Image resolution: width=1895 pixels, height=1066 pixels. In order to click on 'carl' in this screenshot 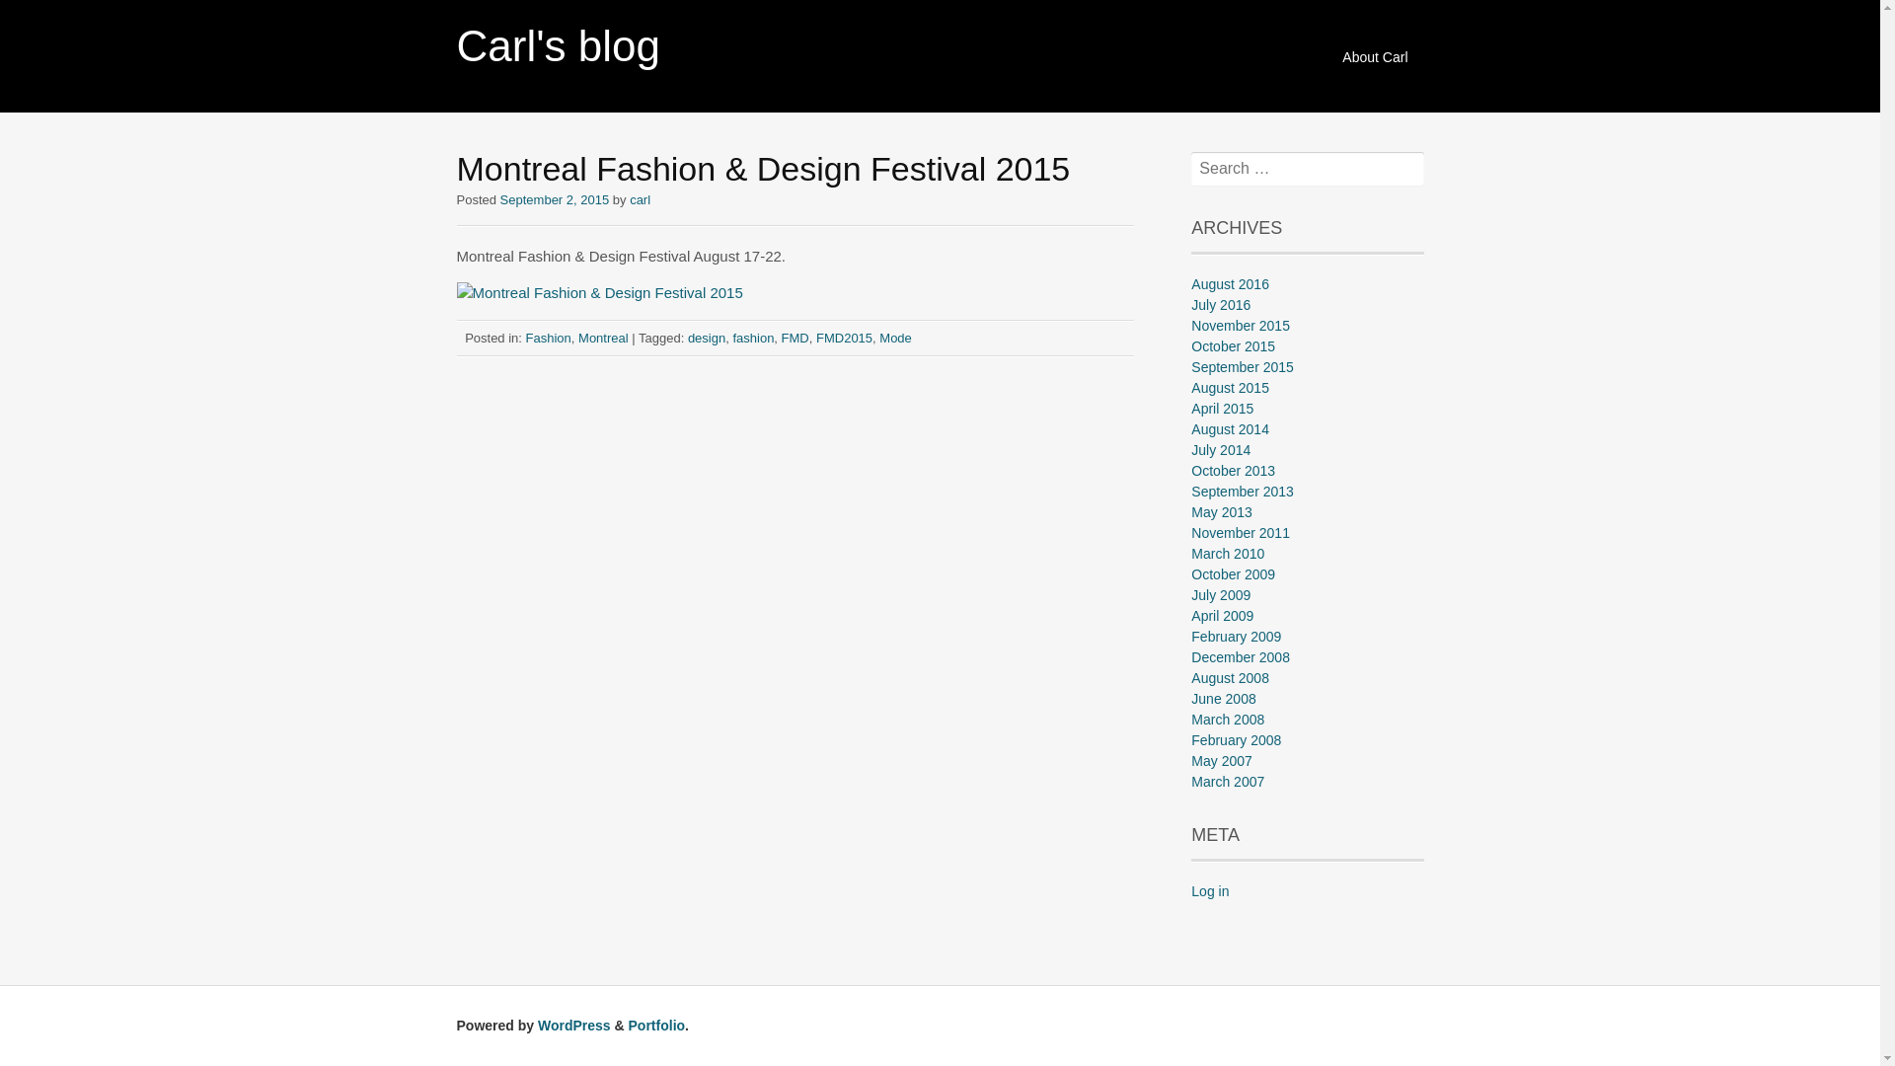, I will do `click(640, 199)`.